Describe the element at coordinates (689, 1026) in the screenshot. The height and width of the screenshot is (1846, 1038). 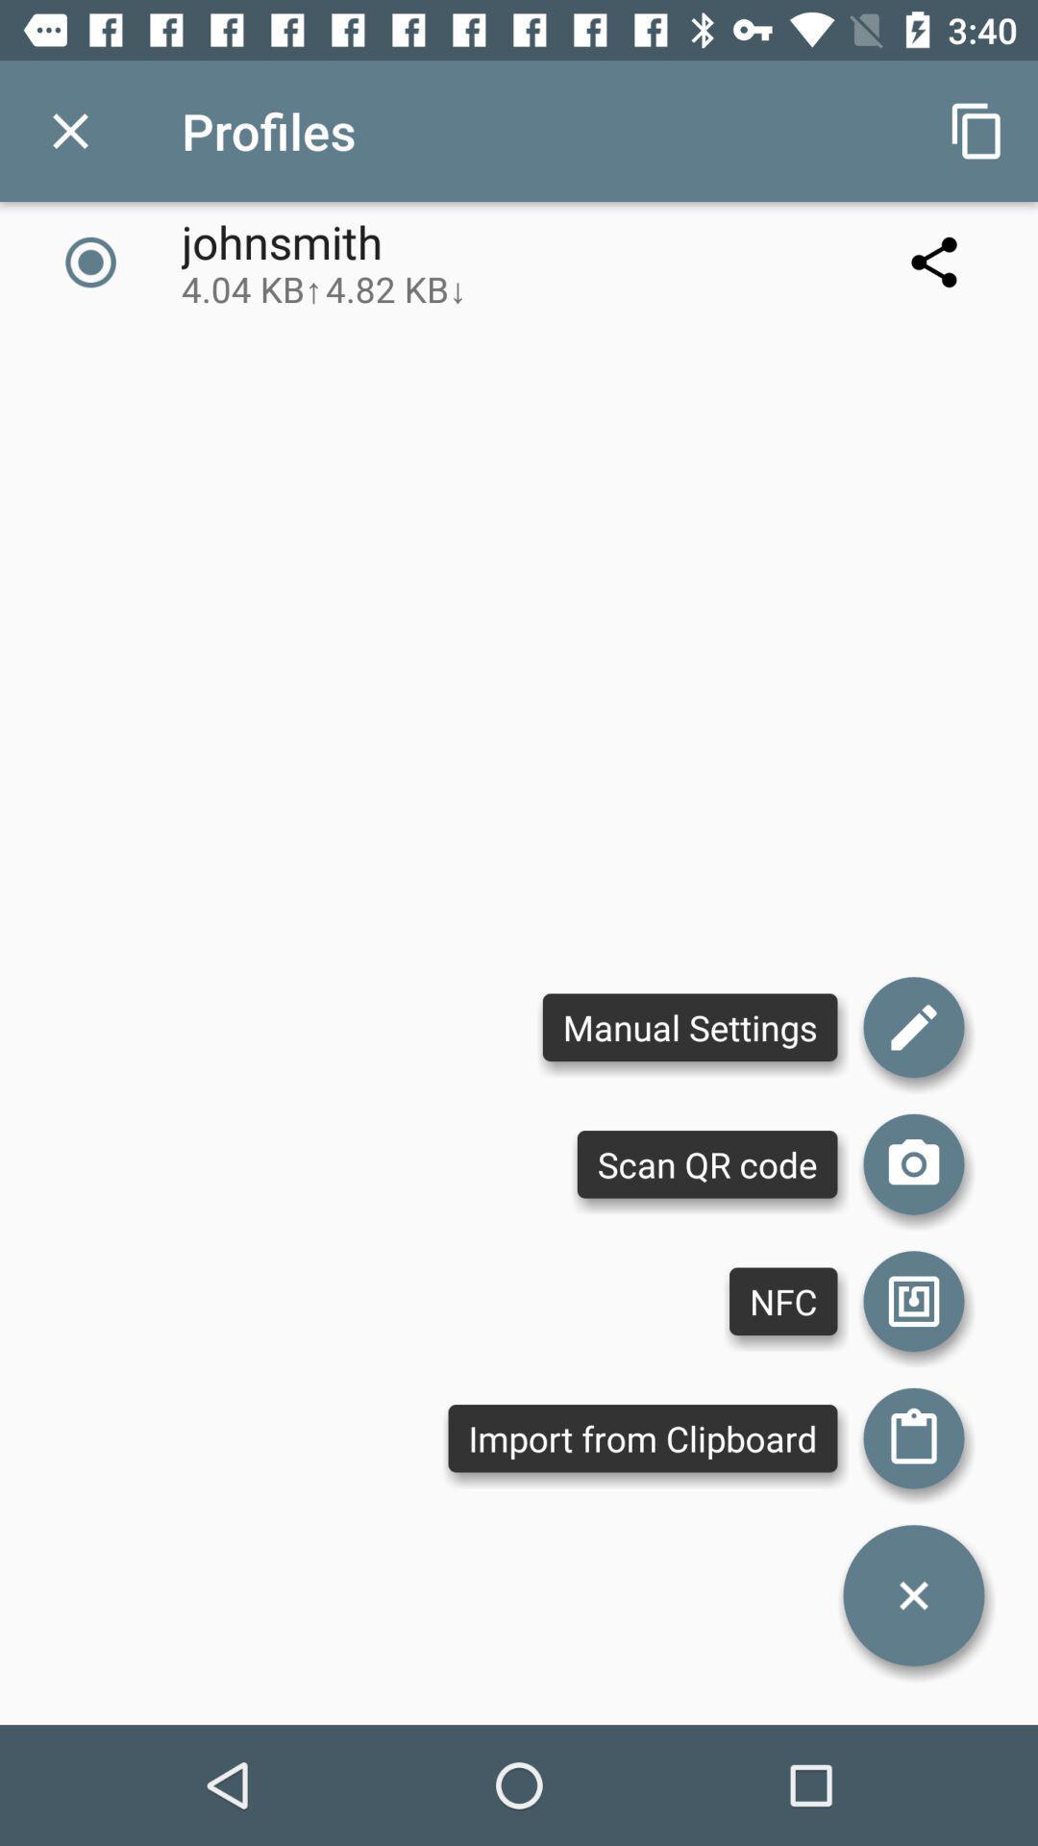
I see `manual settings` at that location.